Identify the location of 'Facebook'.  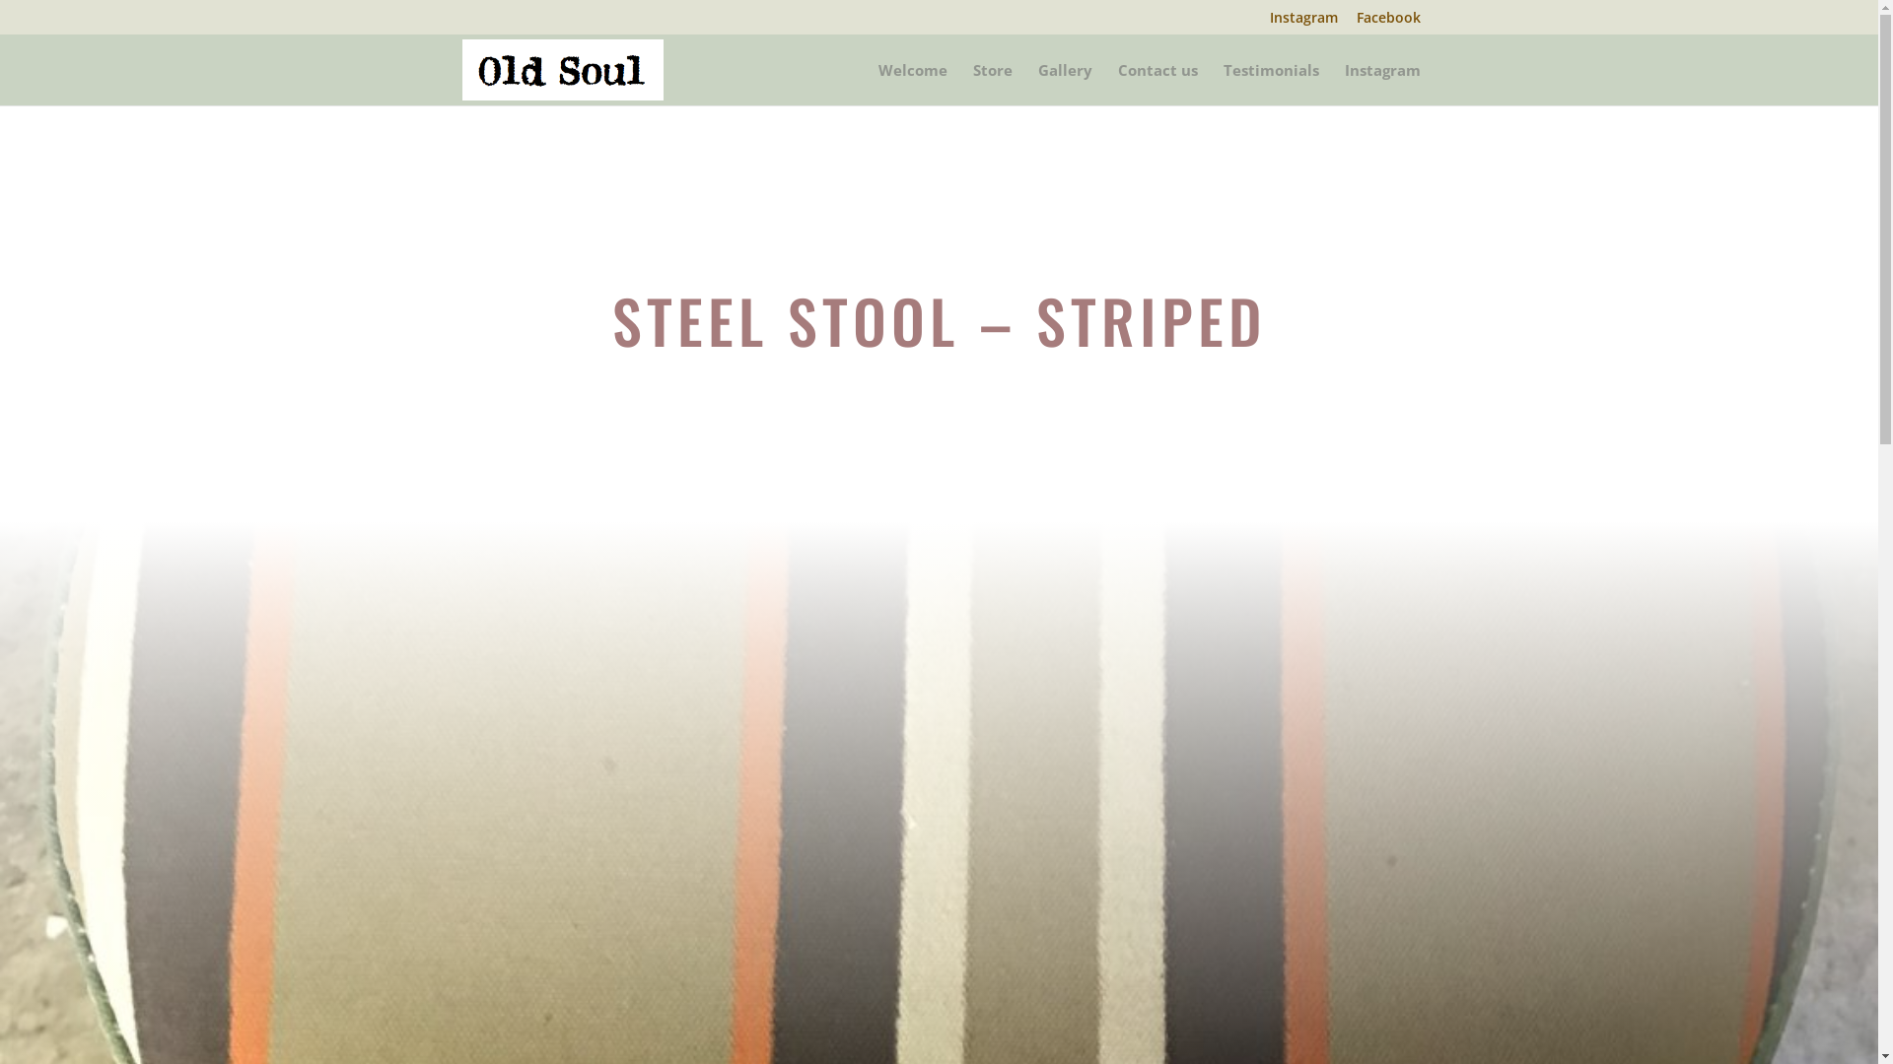
(1387, 22).